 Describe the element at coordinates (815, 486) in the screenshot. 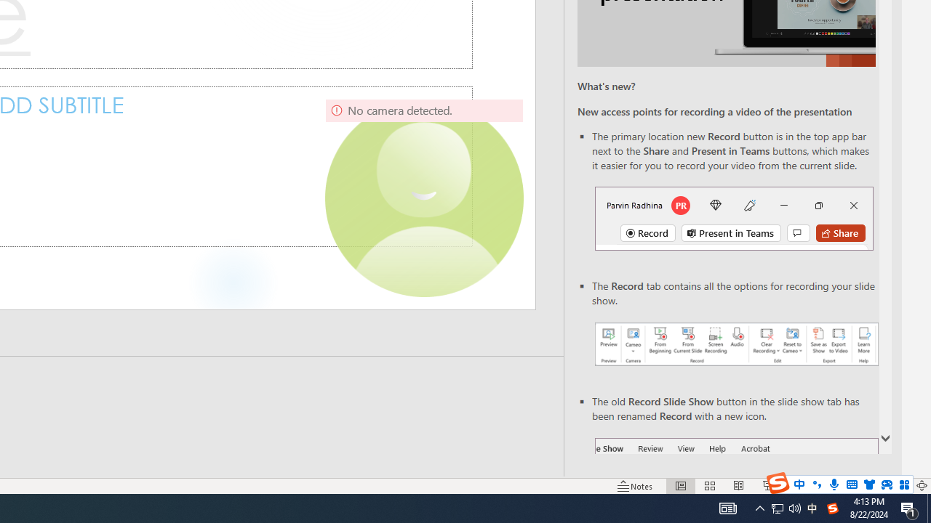

I see `'Zoom Out'` at that location.